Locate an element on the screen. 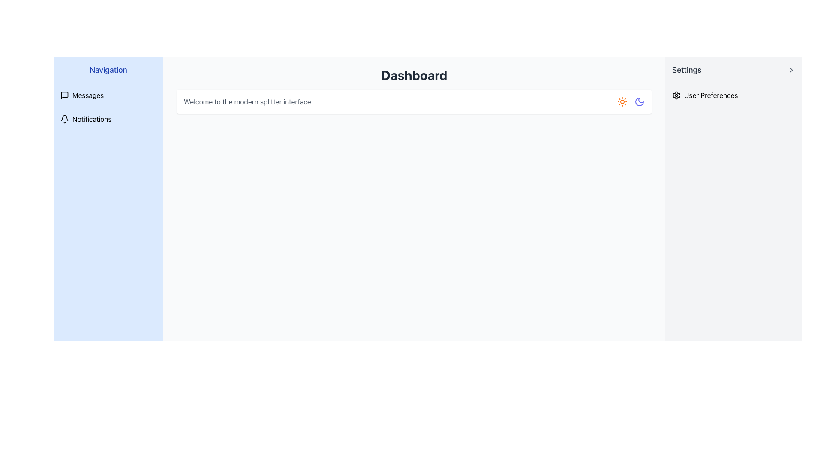  the bell icon located in the left-side navigation panel is located at coordinates (64, 119).